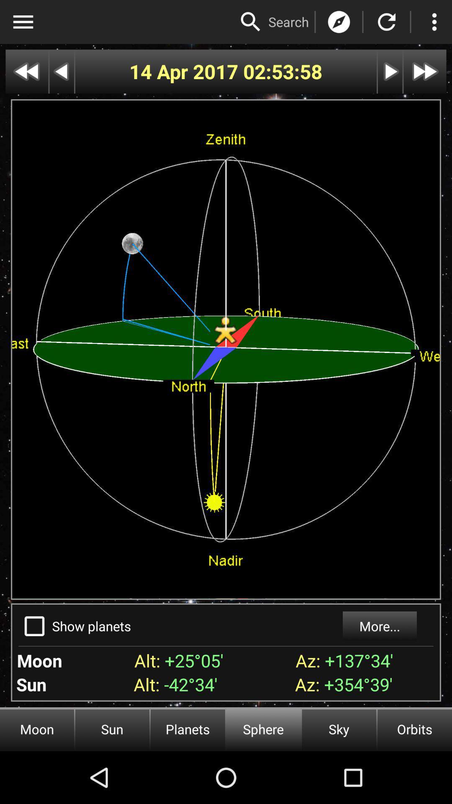  What do you see at coordinates (92, 626) in the screenshot?
I see `app next to more... app` at bounding box center [92, 626].